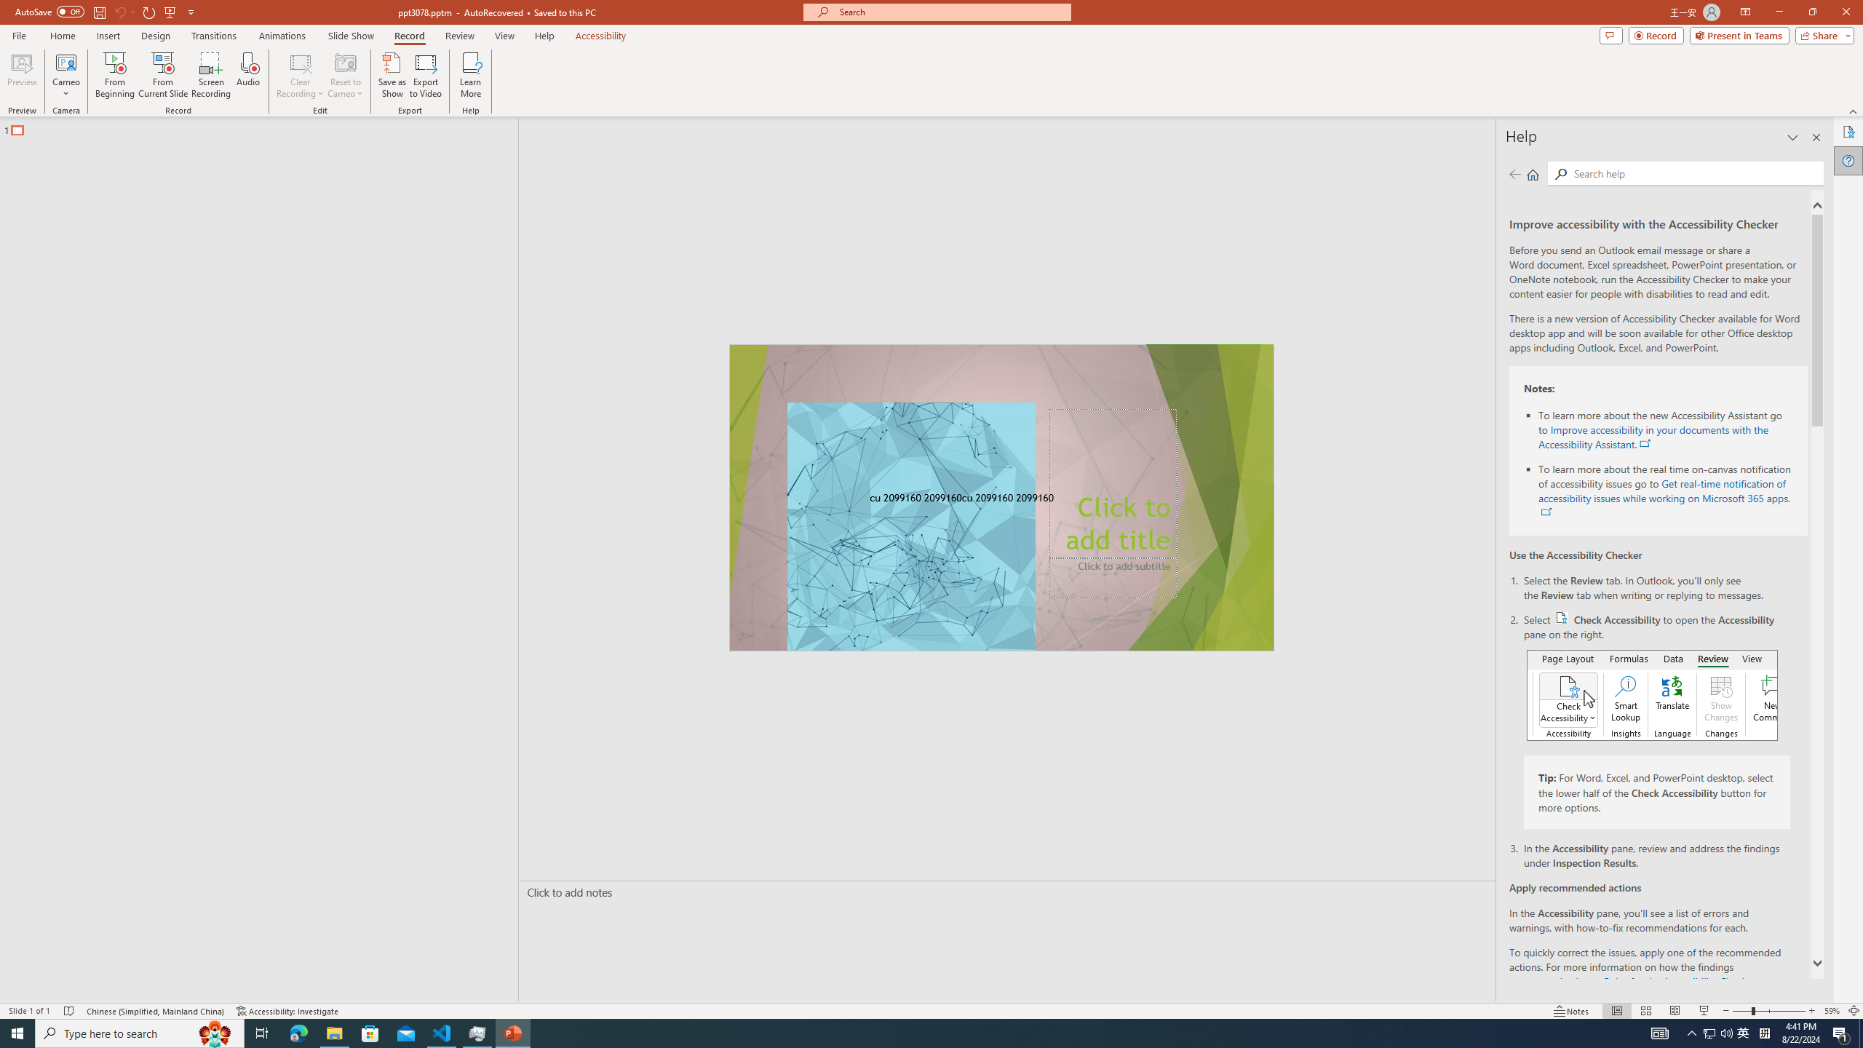 Image resolution: width=1863 pixels, height=1048 pixels. Describe the element at coordinates (65, 75) in the screenshot. I see `'Cameo'` at that location.